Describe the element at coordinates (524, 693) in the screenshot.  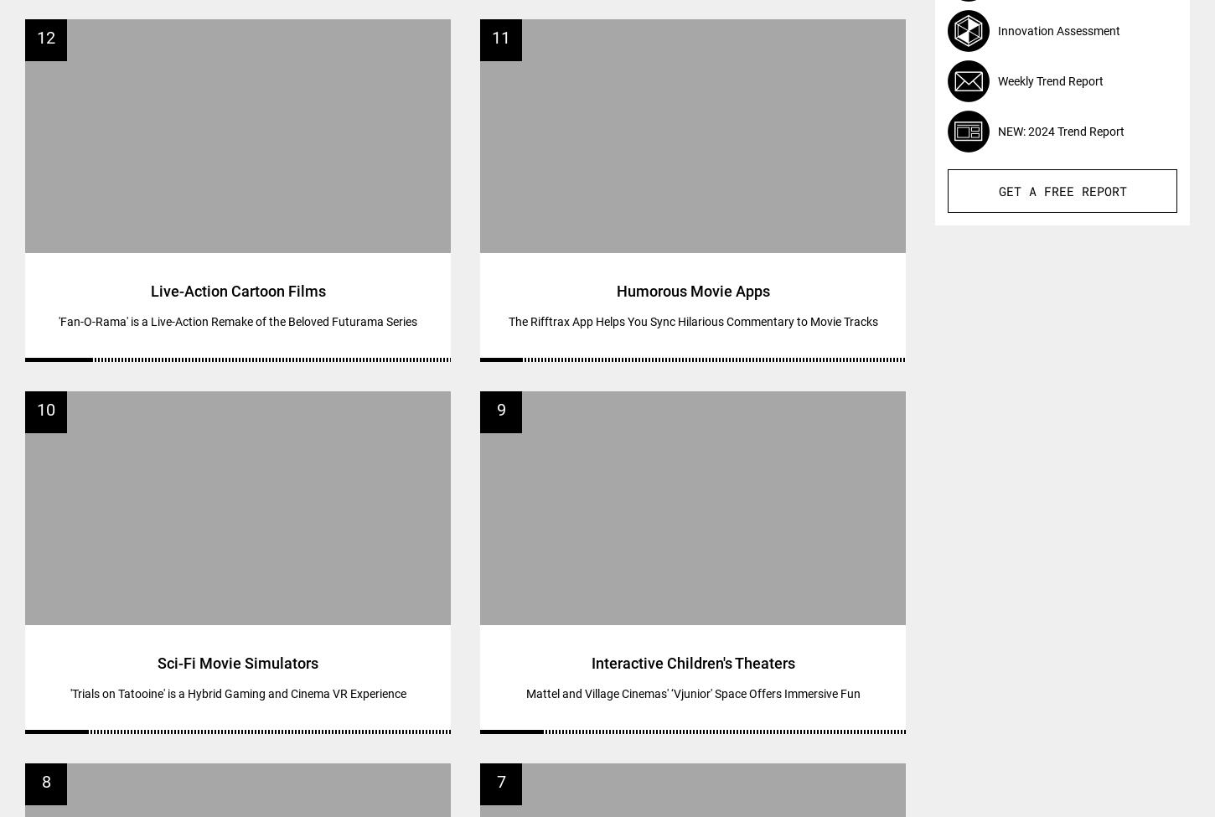
I see `'Mattel and Village Cinemas' ‘Vjunior' Space Offers Immersive Fun'` at that location.